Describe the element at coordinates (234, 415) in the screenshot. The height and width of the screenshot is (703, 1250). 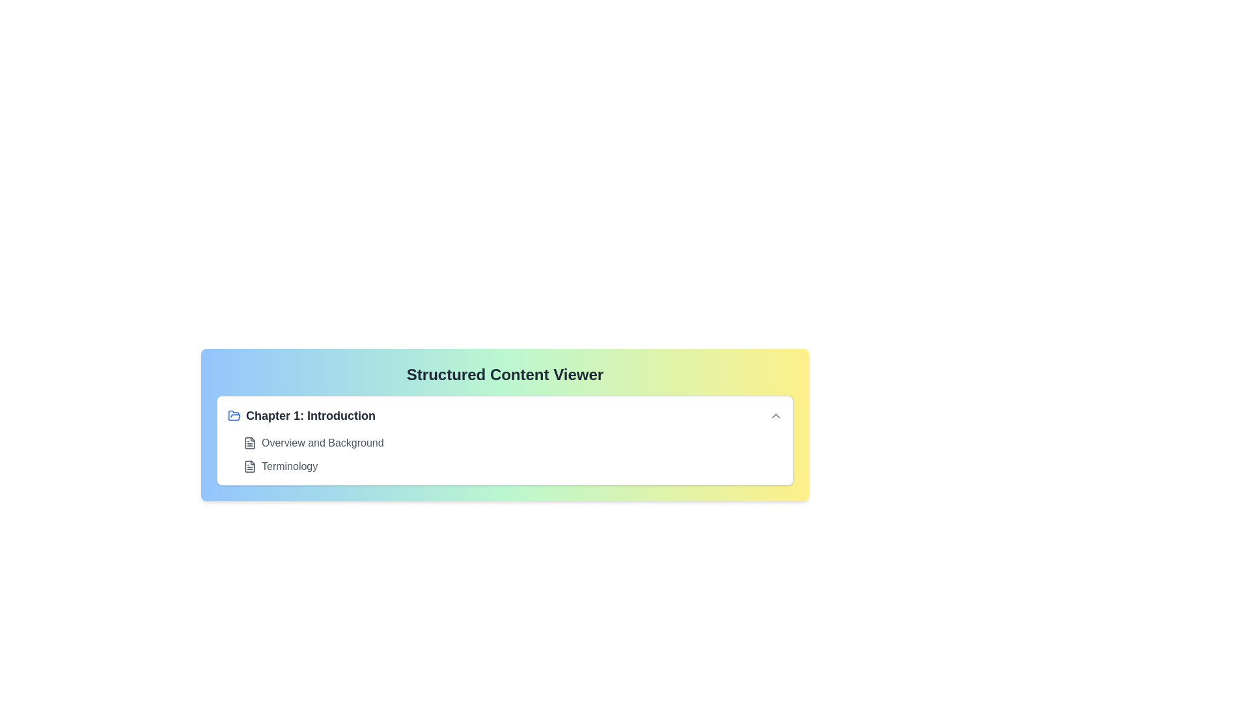
I see `the decorative icon associated with the chapter title in the 'Structured Content Viewer' interface, located at the top-left corner of 'Chapter 1: Introduction.'` at that location.